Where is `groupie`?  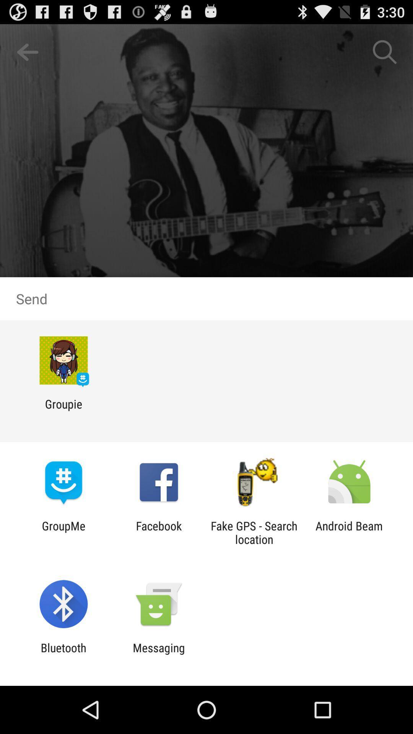
groupie is located at coordinates (63, 410).